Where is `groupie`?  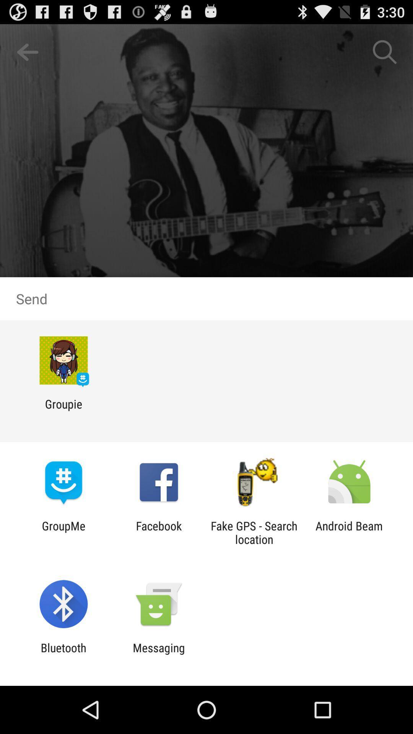
groupie is located at coordinates (63, 410).